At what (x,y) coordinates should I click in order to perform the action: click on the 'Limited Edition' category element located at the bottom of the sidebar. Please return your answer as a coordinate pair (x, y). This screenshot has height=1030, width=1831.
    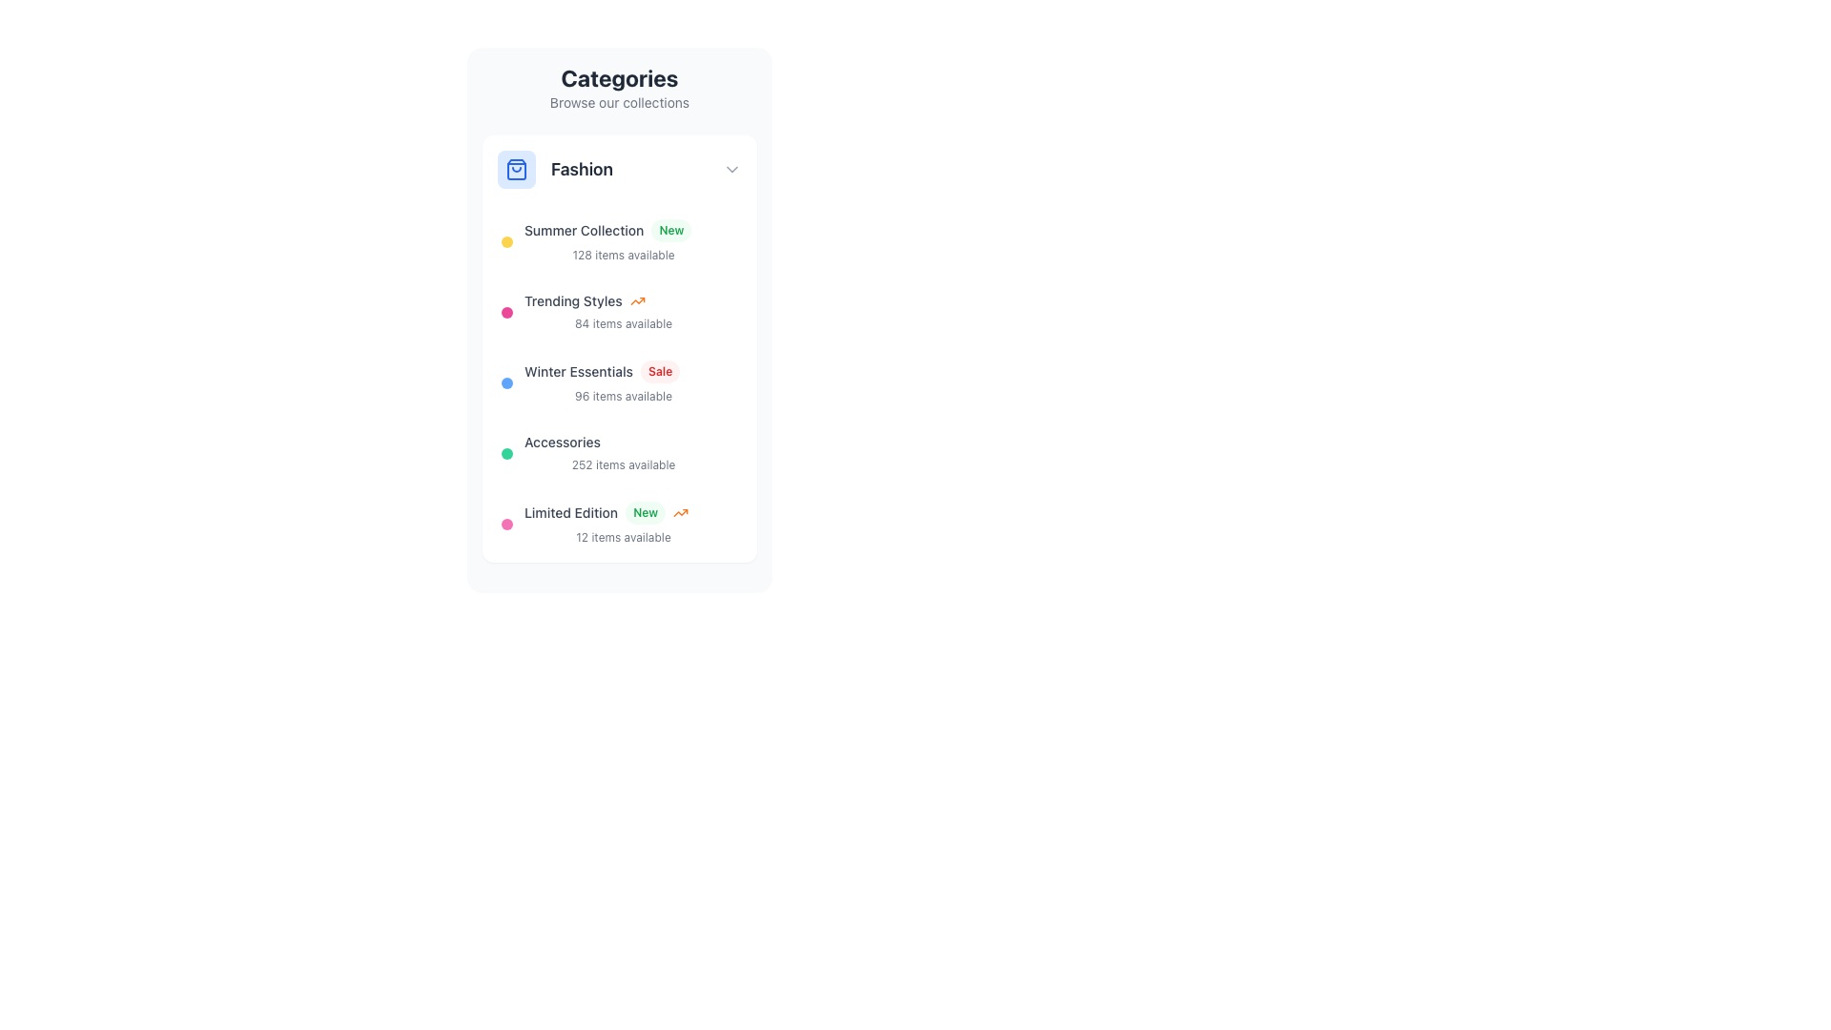
    Looking at the image, I should click on (623, 525).